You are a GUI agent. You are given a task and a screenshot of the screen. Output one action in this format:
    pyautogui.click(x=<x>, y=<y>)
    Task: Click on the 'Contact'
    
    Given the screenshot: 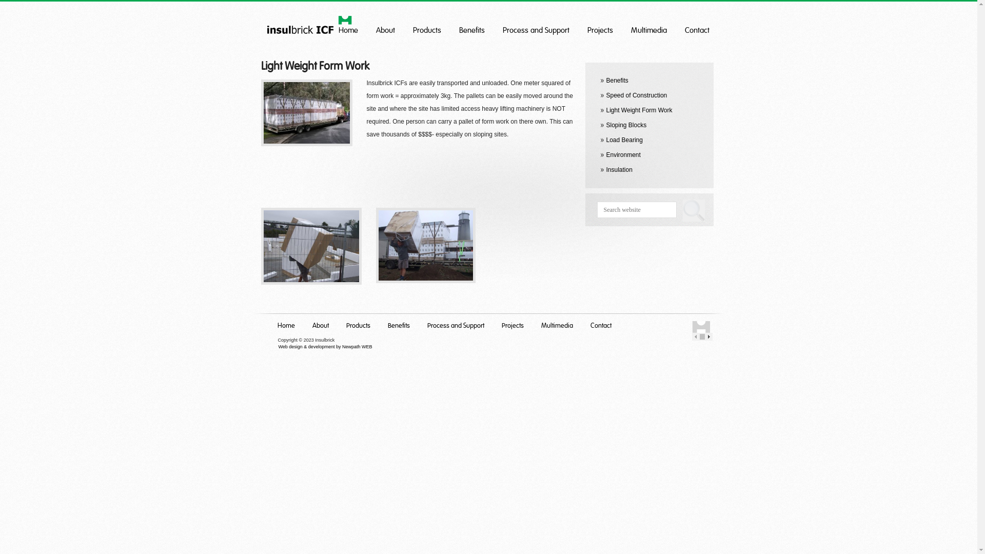 What is the action you would take?
    pyautogui.click(x=601, y=323)
    